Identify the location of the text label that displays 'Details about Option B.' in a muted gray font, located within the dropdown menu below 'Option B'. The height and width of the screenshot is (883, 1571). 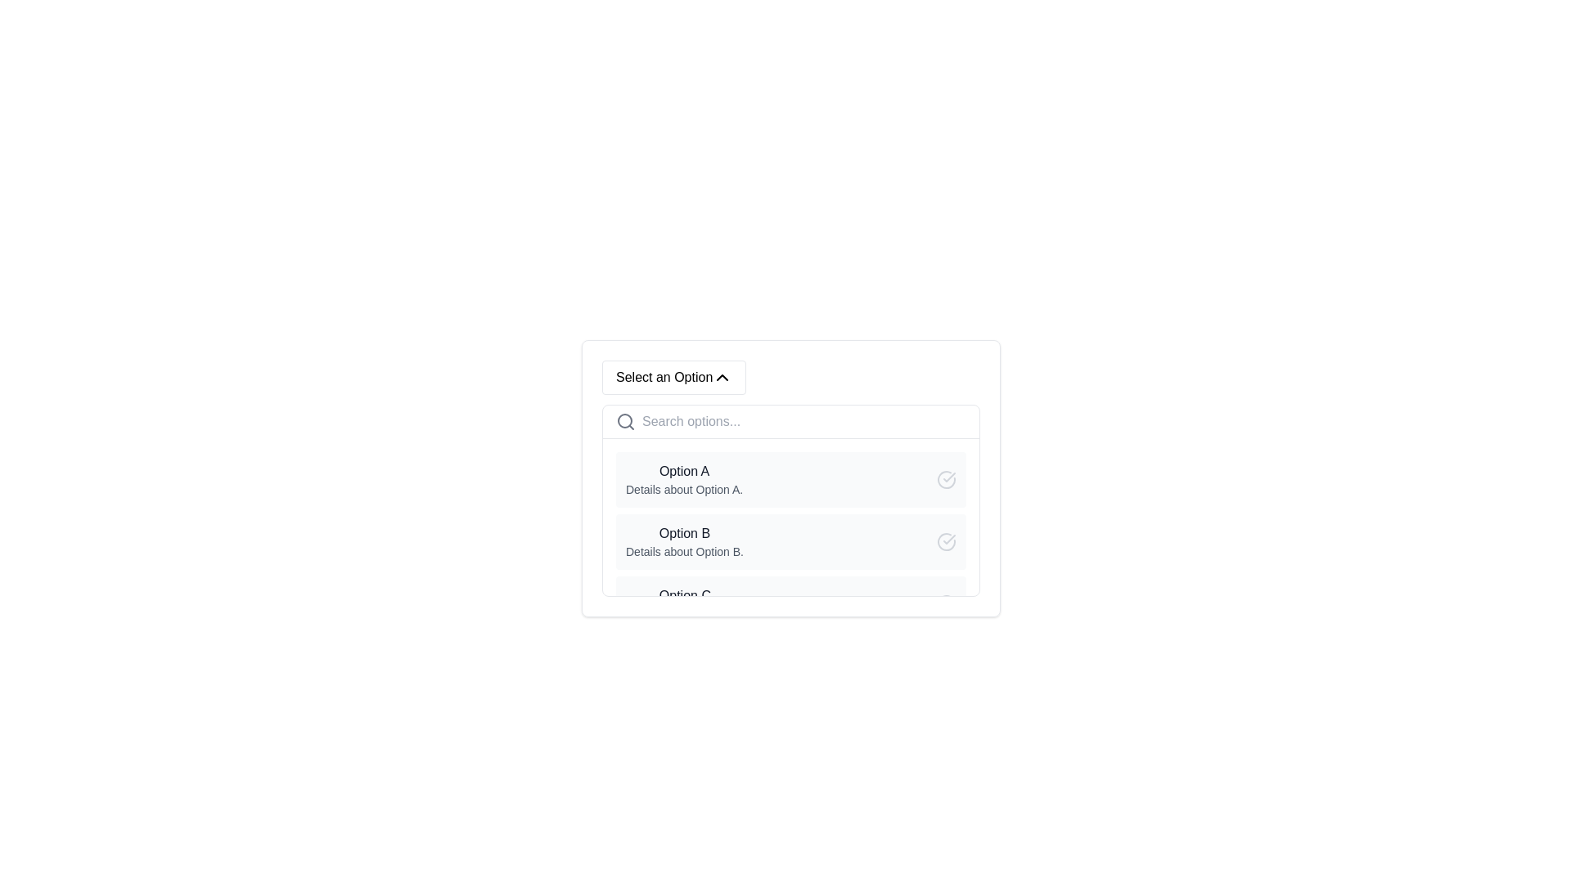
(684, 552).